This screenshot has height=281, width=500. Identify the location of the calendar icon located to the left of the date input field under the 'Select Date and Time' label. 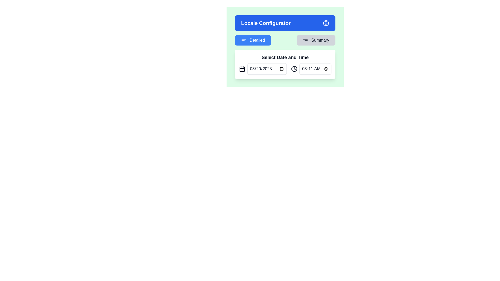
(242, 69).